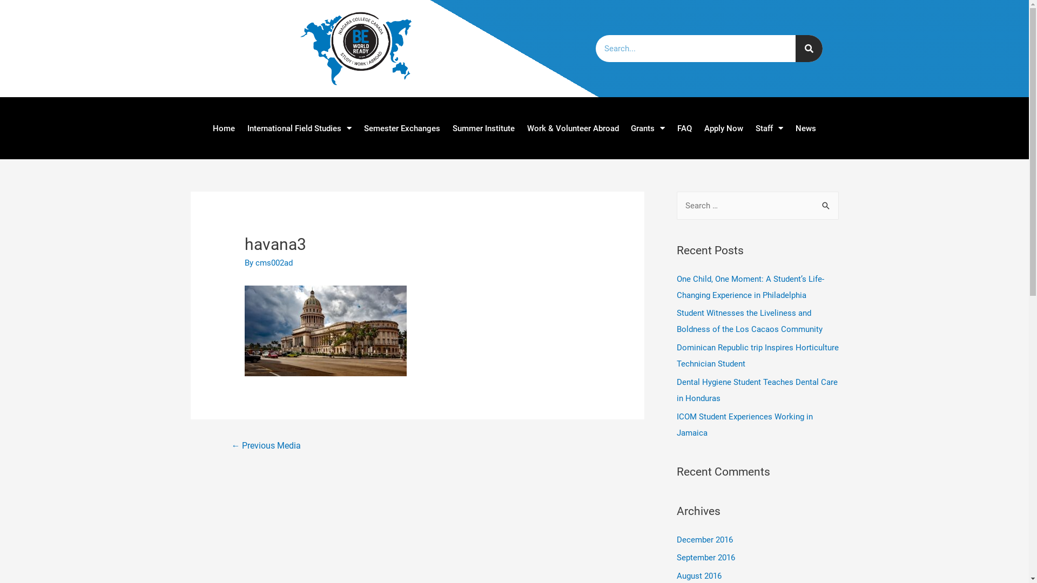 This screenshot has width=1037, height=583. Describe the element at coordinates (743, 424) in the screenshot. I see `'ICOM Student Experiences Working in Jamaica'` at that location.